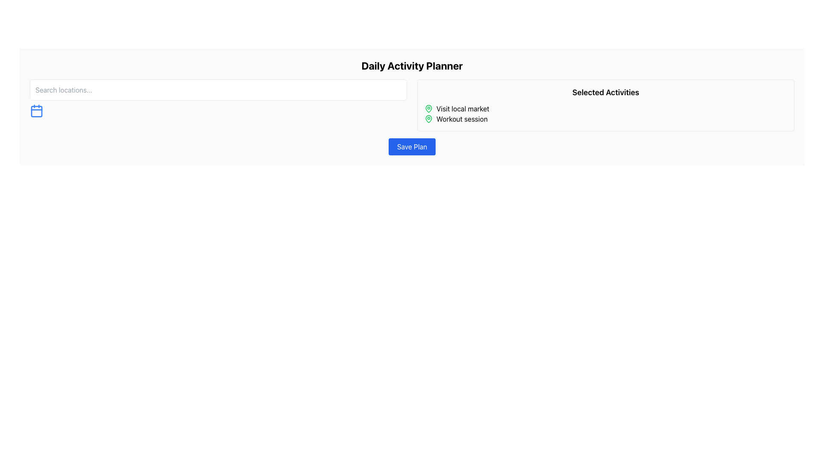  Describe the element at coordinates (428, 118) in the screenshot. I see `the geographic location icon located to the left of the text 'Visit local market' in the 'Selected Activities' section of the interface` at that location.